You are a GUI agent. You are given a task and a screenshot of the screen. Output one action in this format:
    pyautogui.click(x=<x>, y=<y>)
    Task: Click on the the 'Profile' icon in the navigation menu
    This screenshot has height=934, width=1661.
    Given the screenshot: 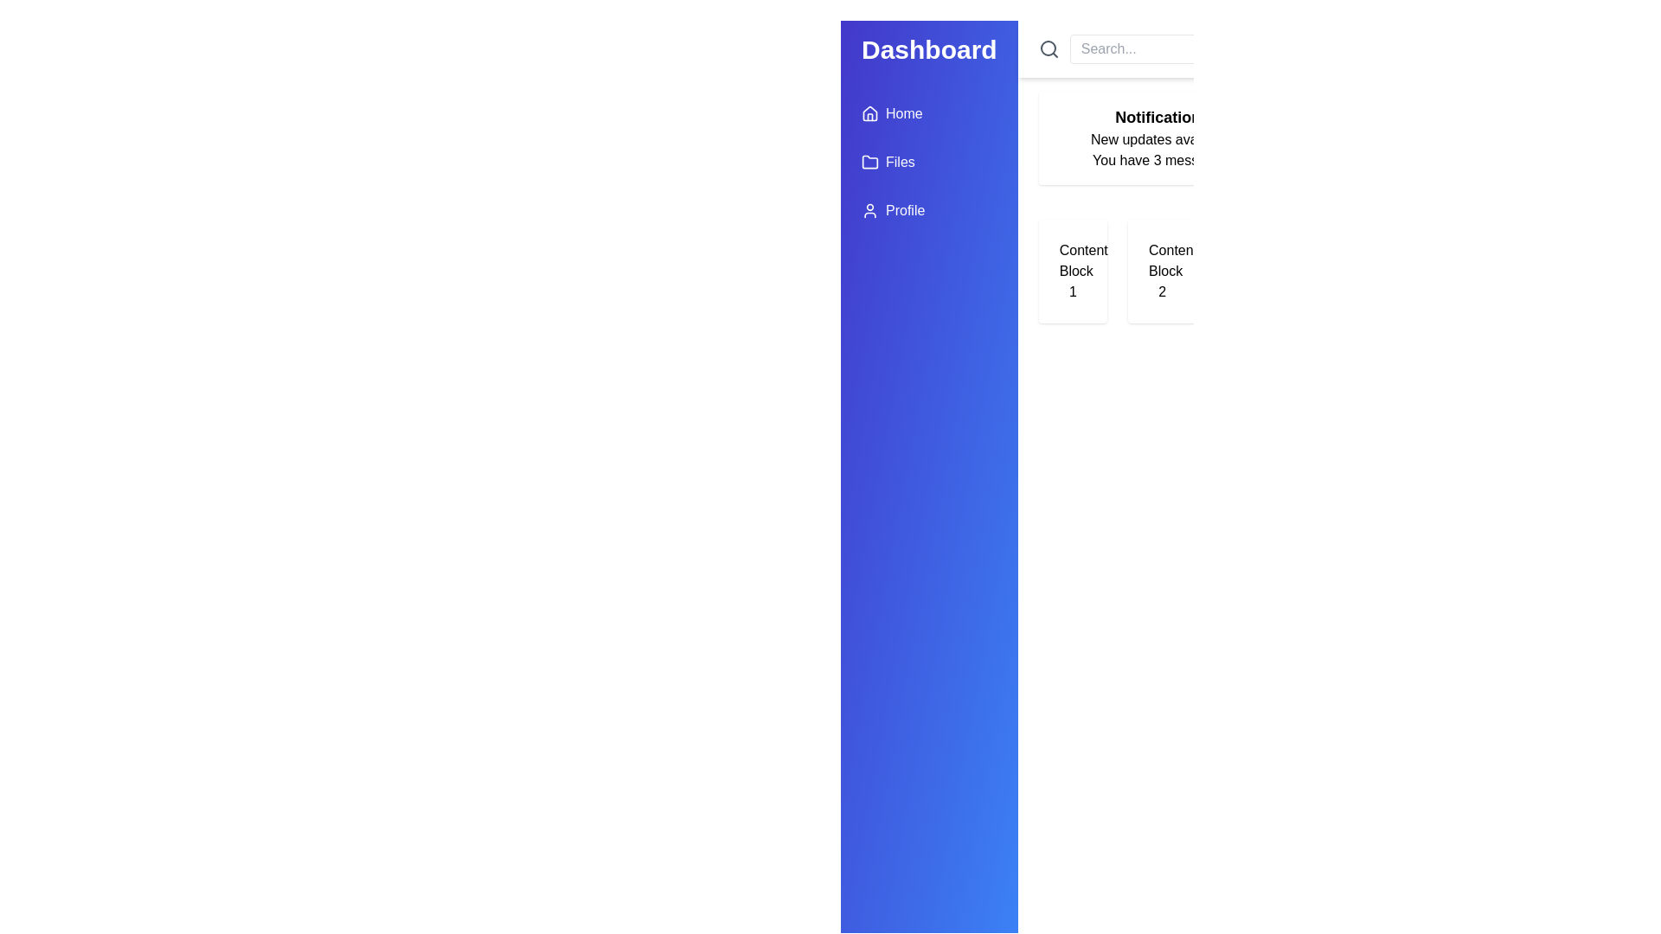 What is the action you would take?
    pyautogui.click(x=870, y=209)
    